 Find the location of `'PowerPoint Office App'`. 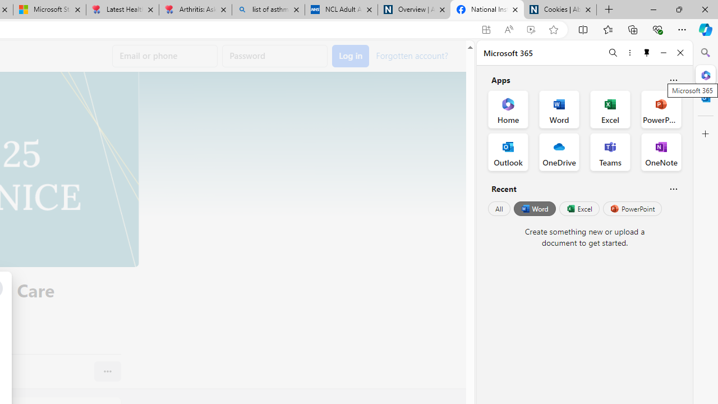

'PowerPoint Office App' is located at coordinates (661, 109).